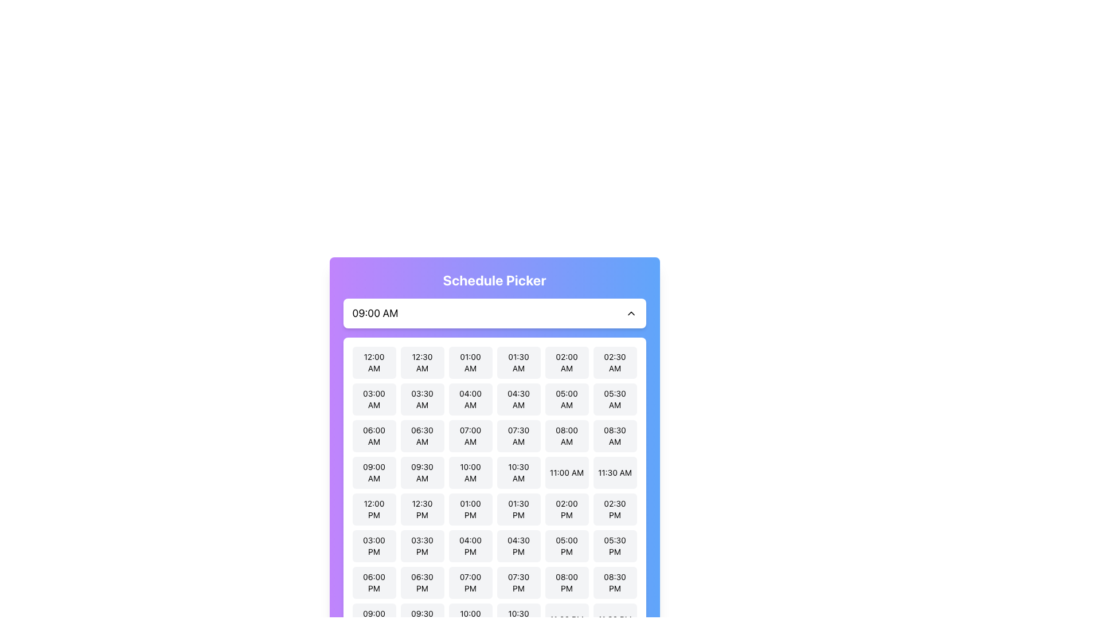 This screenshot has width=1101, height=619. Describe the element at coordinates (630, 314) in the screenshot. I see `the collapsible toggle icon located to the far right of the row displaying '09:00 AM' to initiate an action` at that location.